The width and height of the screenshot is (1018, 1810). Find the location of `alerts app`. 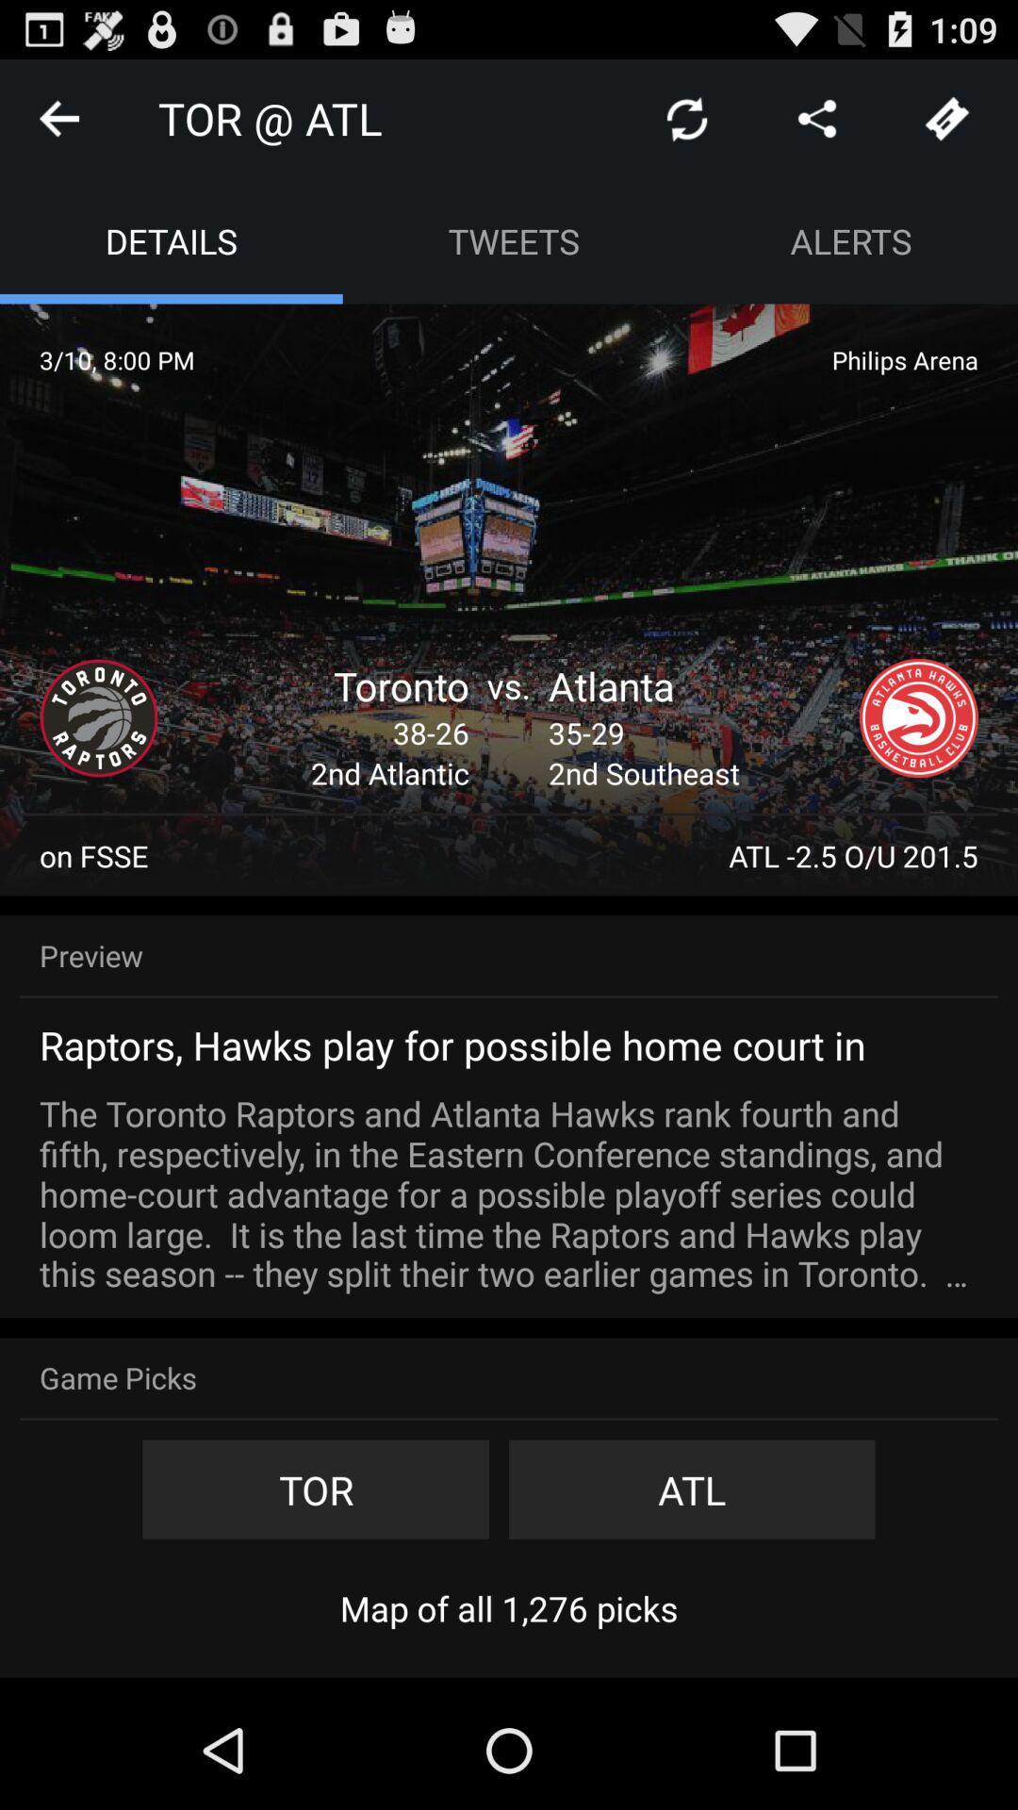

alerts app is located at coordinates (851, 239).